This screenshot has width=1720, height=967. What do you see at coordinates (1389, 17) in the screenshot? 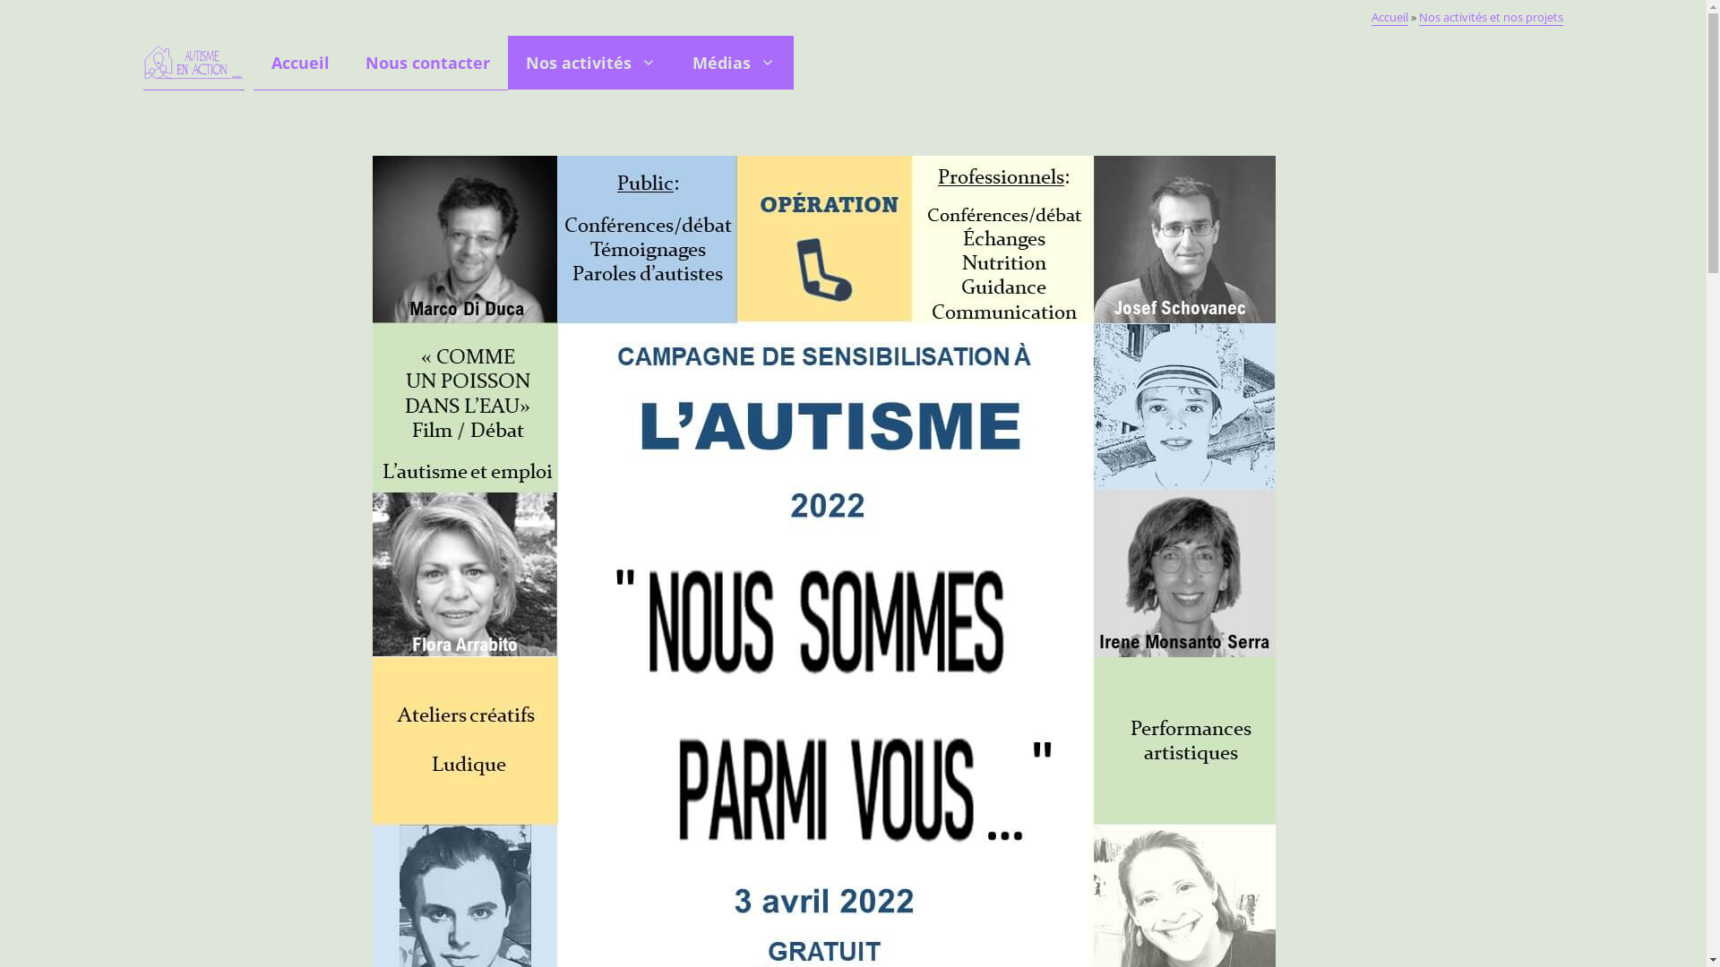
I see `'Accueil'` at bounding box center [1389, 17].